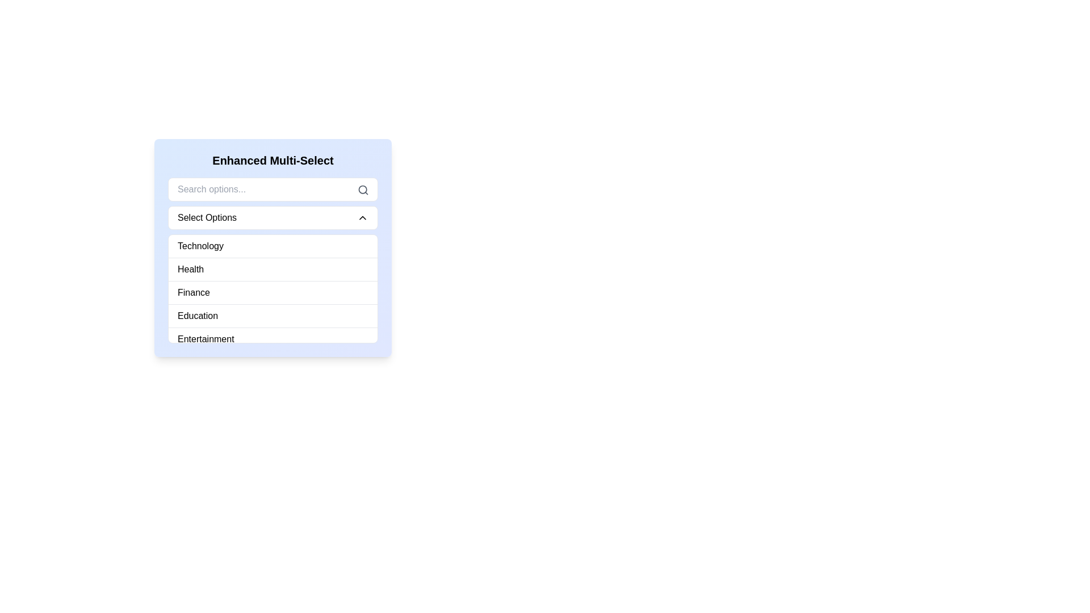 The image size is (1090, 613). What do you see at coordinates (272, 316) in the screenshot?
I see `the fourth list item in the scrollable menu labeled 'Education'` at bounding box center [272, 316].